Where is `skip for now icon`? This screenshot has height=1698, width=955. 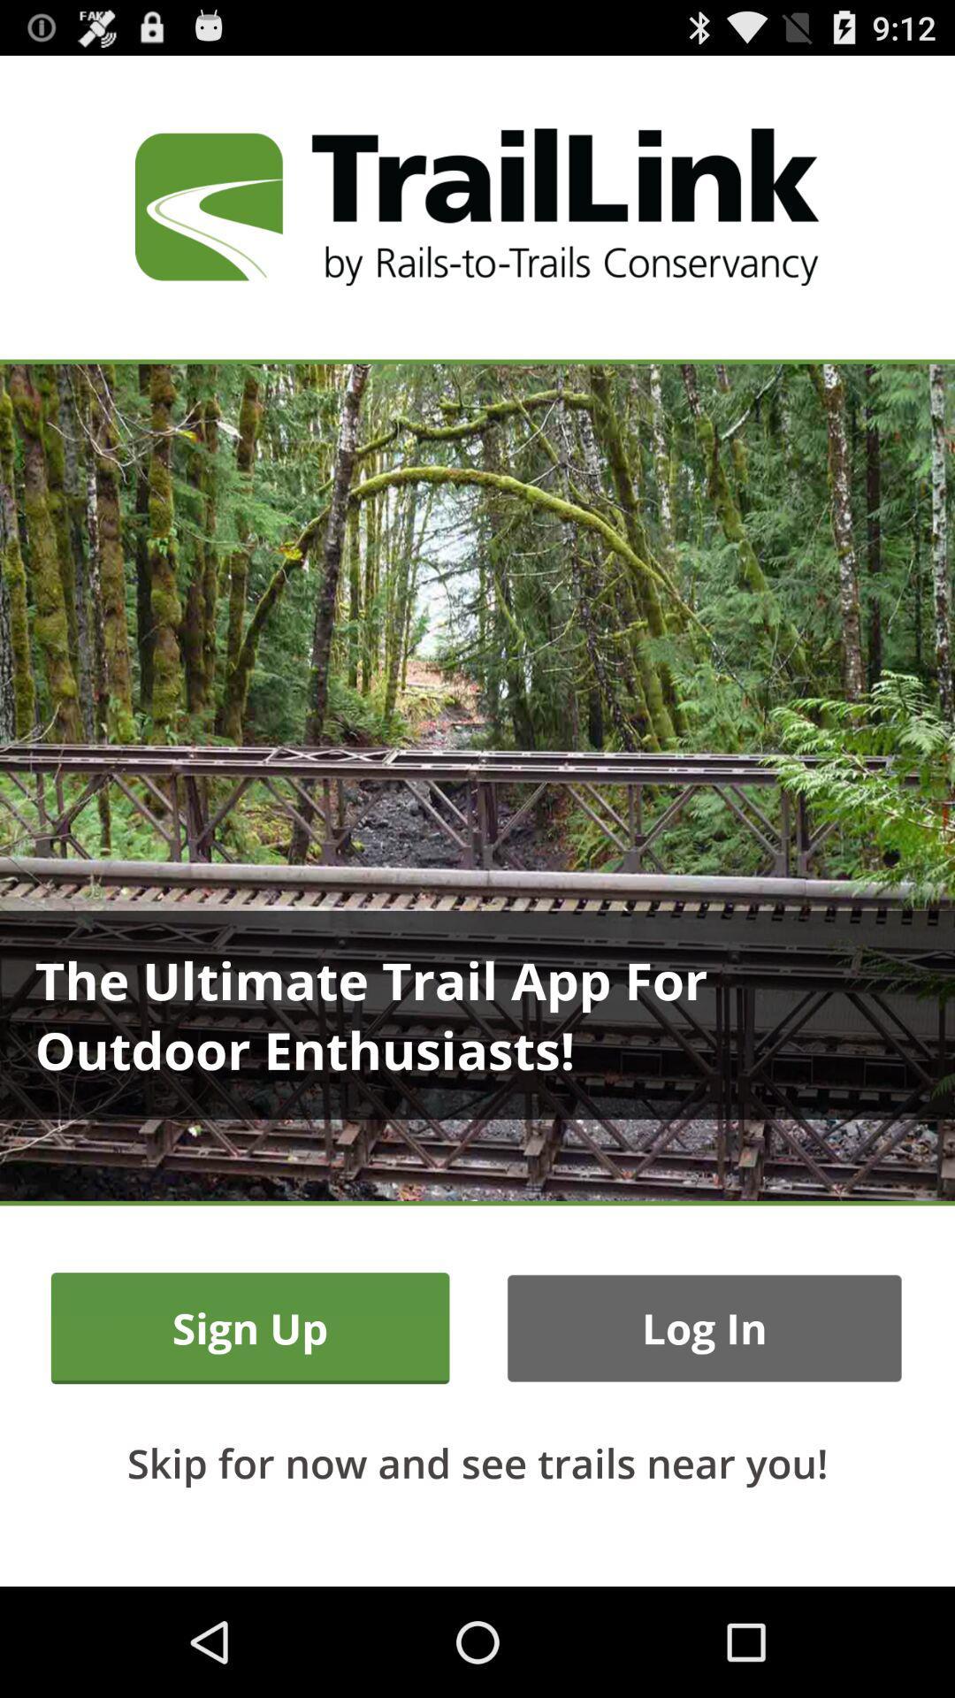 skip for now icon is located at coordinates (477, 1463).